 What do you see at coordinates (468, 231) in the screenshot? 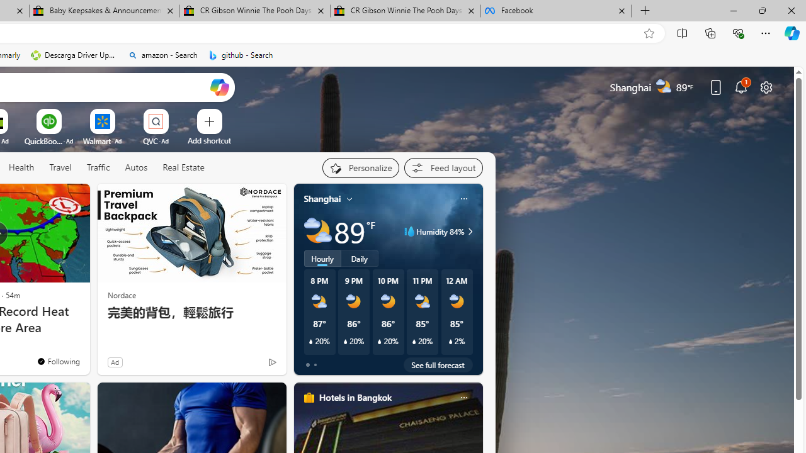
I see `'Humidity 84%'` at bounding box center [468, 231].